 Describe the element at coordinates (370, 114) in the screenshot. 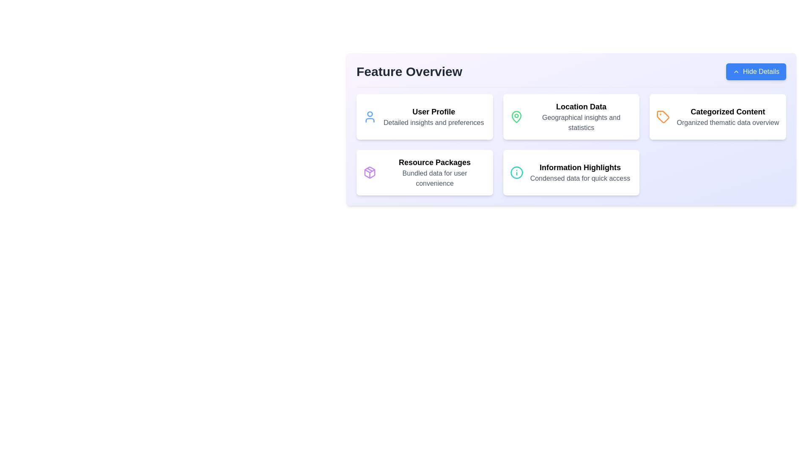

I see `the 'User Profile' feature by clicking on the SVG circle representing the user's head, located in the top-left section of the feature overview grid` at that location.